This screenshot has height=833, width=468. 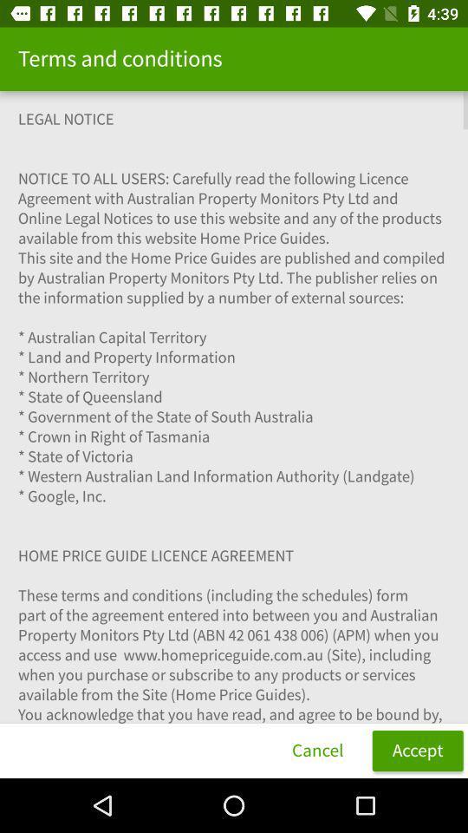 What do you see at coordinates (417, 750) in the screenshot?
I see `item below the legal notice` at bounding box center [417, 750].